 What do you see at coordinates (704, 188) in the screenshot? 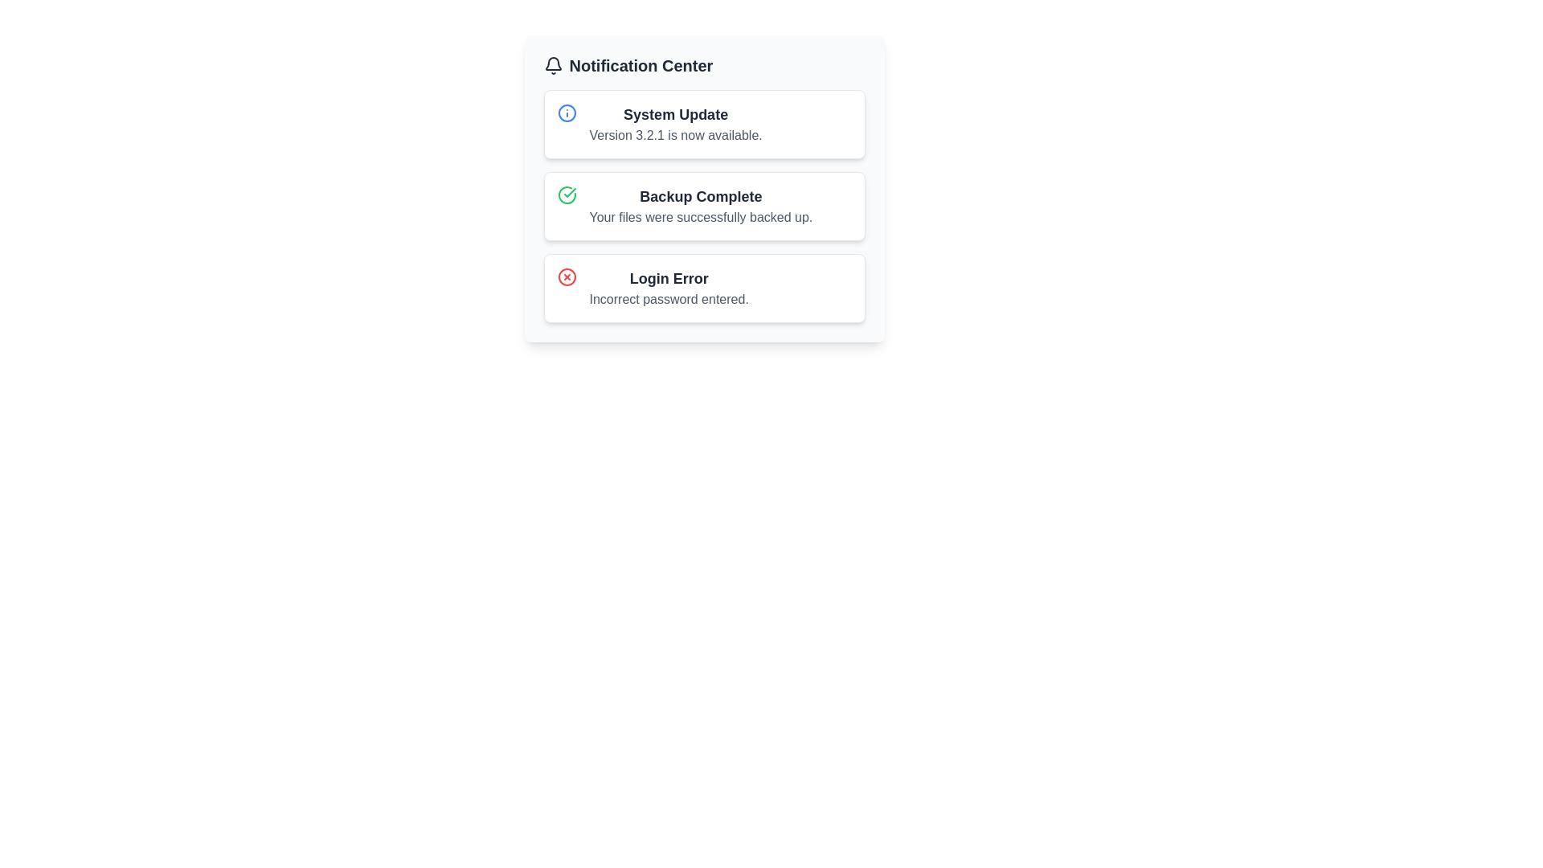
I see `the informative section in the notification panel that indicates a successful backup process, located between 'System Update' and 'Login Error'` at bounding box center [704, 188].